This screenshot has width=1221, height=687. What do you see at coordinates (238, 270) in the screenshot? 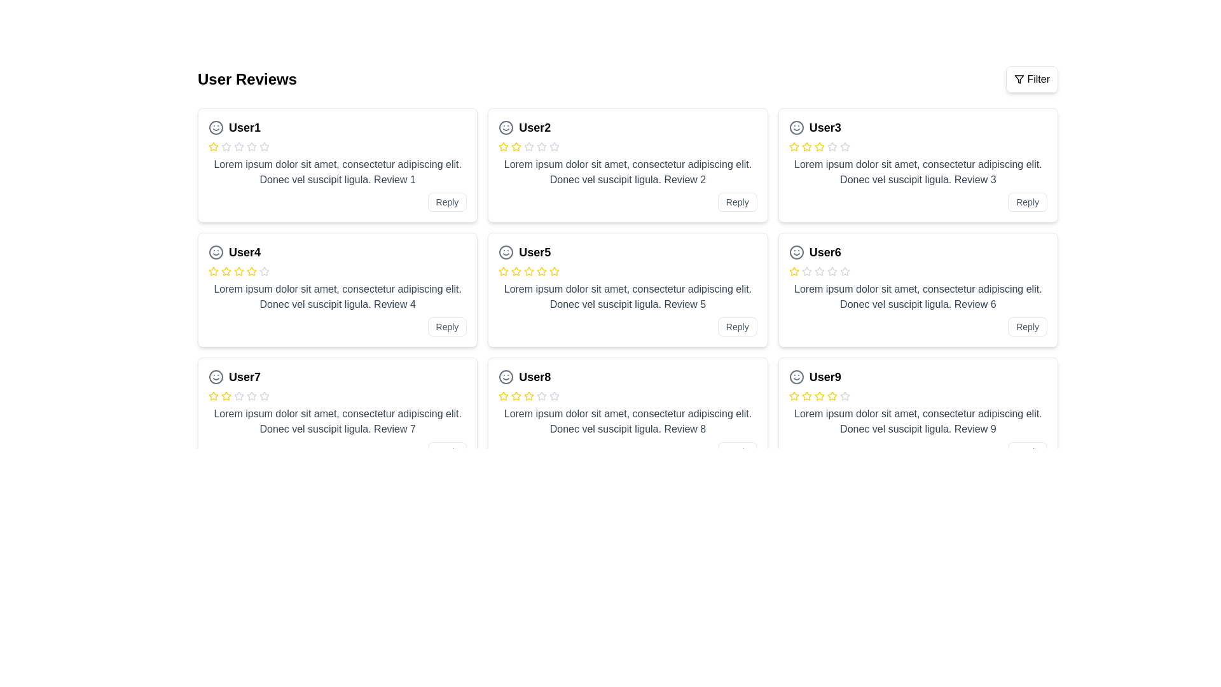
I see `the third yellow star icon in the 5-star rating system for 'User4'` at bounding box center [238, 270].